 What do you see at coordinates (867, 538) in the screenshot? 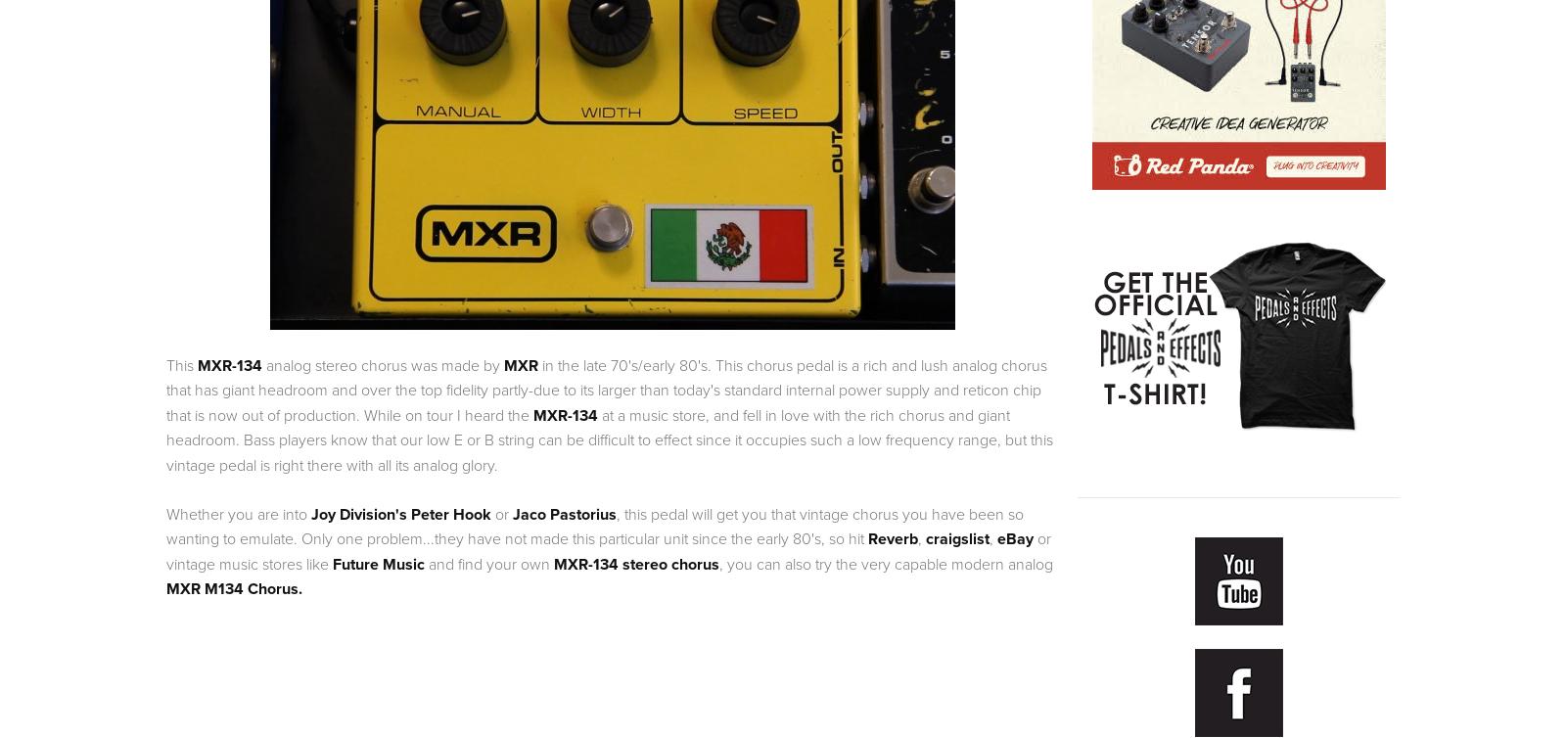
I see `'Reverb'` at bounding box center [867, 538].